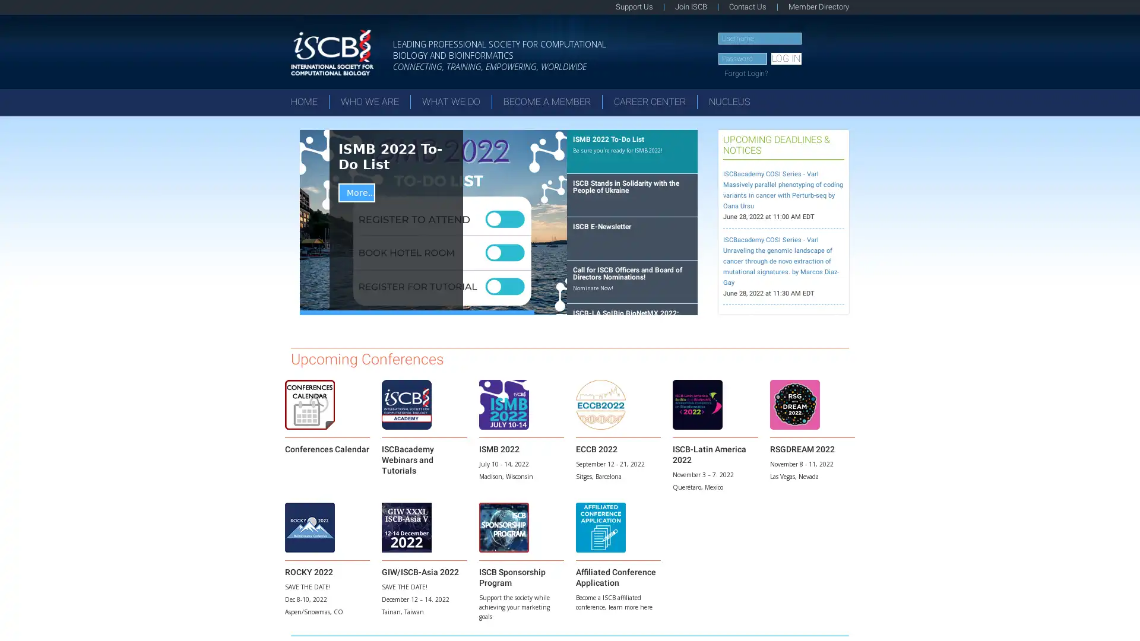 The image size is (1140, 641). What do you see at coordinates (786, 59) in the screenshot?
I see `LOG IN` at bounding box center [786, 59].